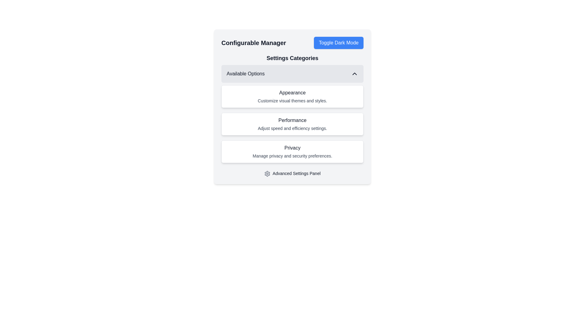 This screenshot has height=331, width=588. What do you see at coordinates (292, 173) in the screenshot?
I see `the 'Advanced Settings Panel' text element accompanied by a settings icon, which is centered at the bottom of the interface` at bounding box center [292, 173].